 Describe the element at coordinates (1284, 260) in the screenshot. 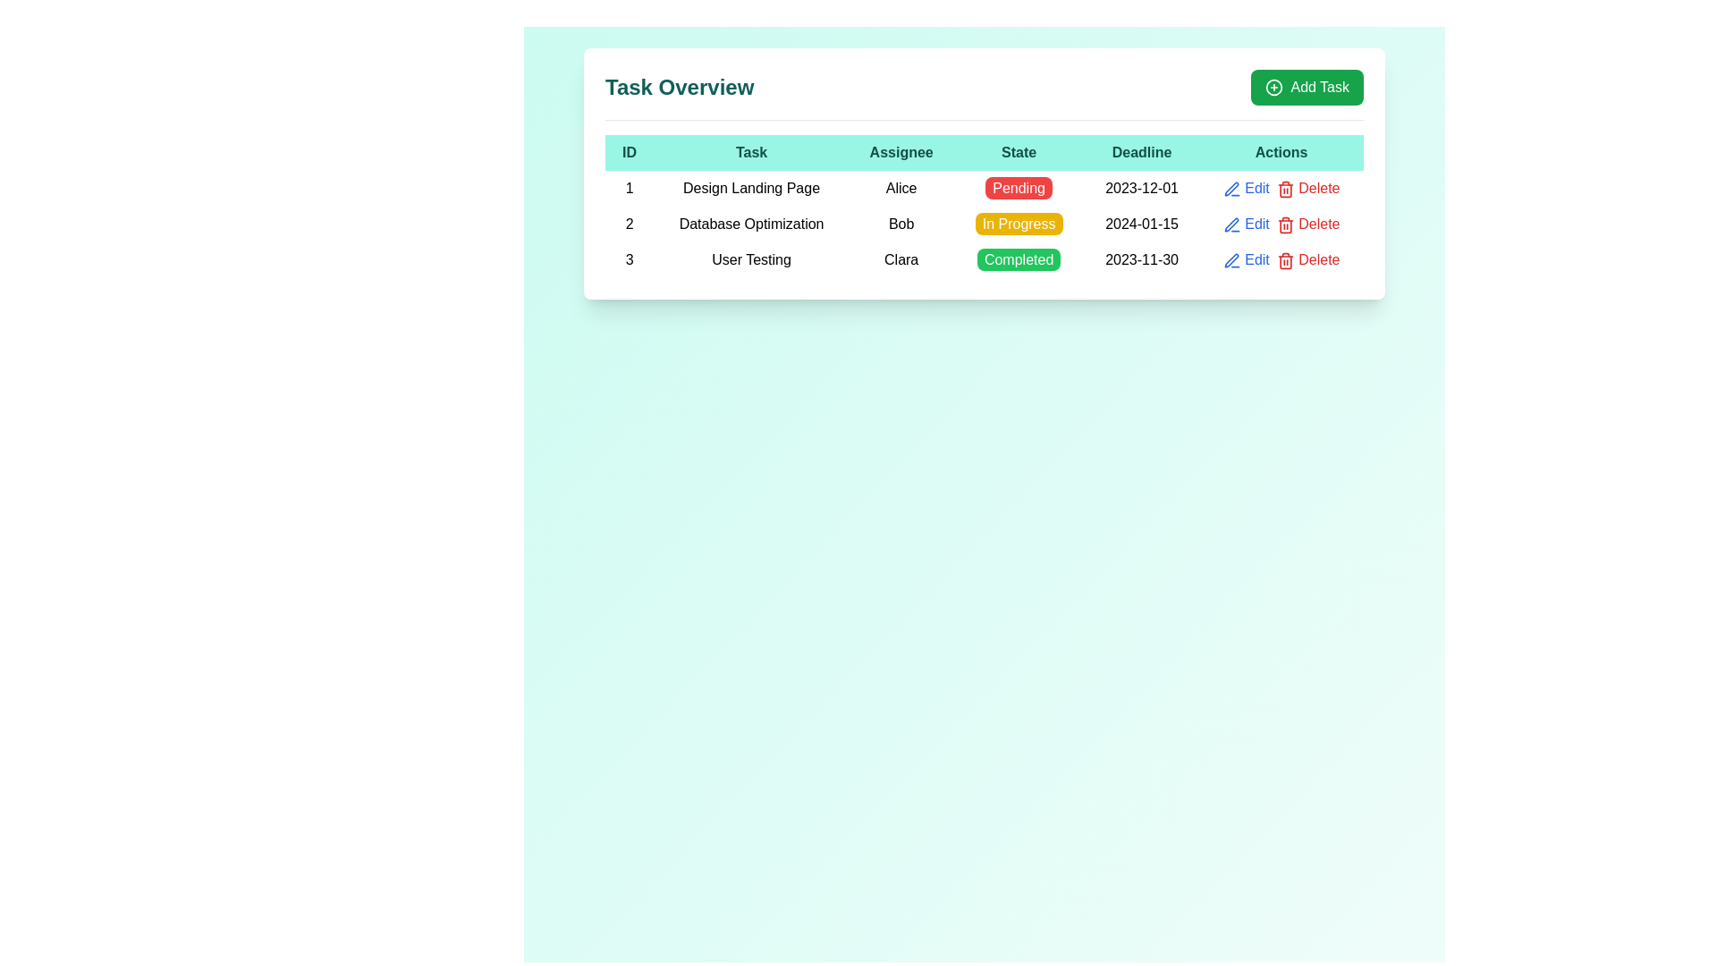

I see `the delete button located in the 'Actions' column of the third row in the table, positioned to the right of the blue-colored 'Edit' text link` at that location.